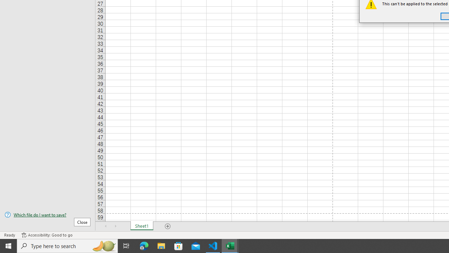 The image size is (449, 253). Describe the element at coordinates (141, 226) in the screenshot. I see `'Sheet1'` at that location.